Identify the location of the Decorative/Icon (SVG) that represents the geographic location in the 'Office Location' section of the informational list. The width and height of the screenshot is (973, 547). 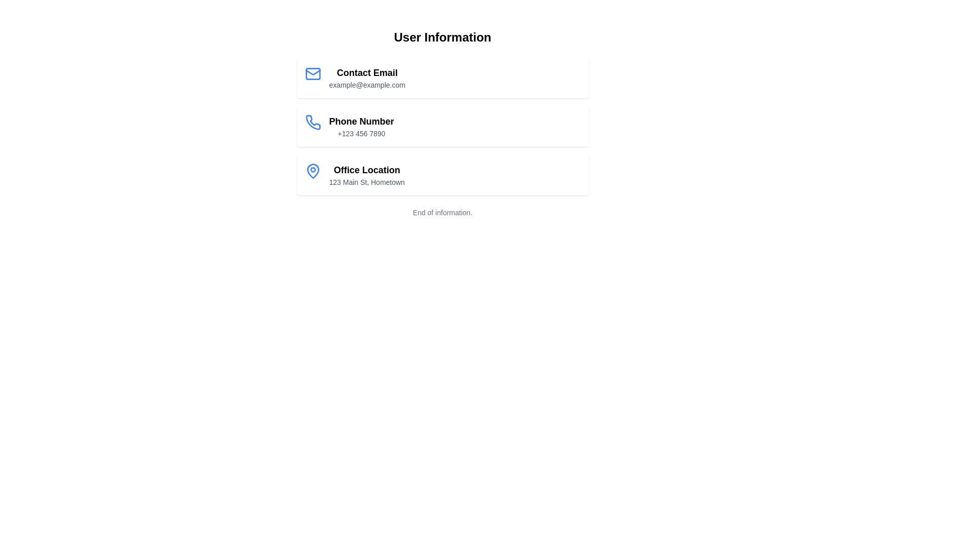
(312, 171).